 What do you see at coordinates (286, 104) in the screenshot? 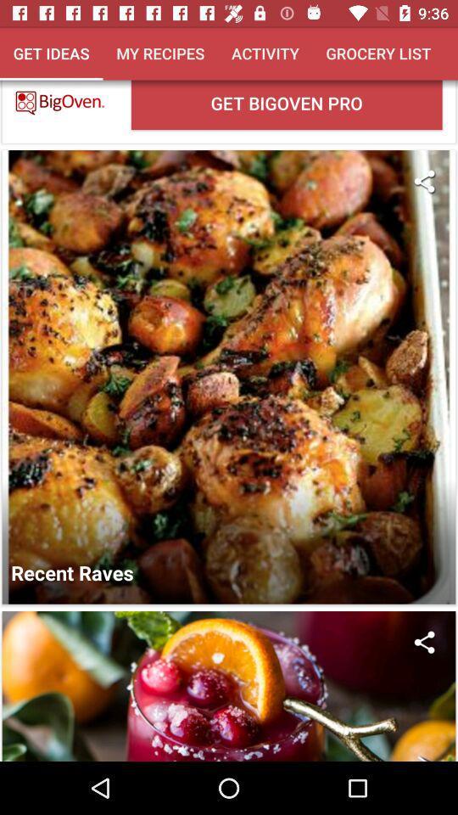
I see `the item below my recipes icon` at bounding box center [286, 104].